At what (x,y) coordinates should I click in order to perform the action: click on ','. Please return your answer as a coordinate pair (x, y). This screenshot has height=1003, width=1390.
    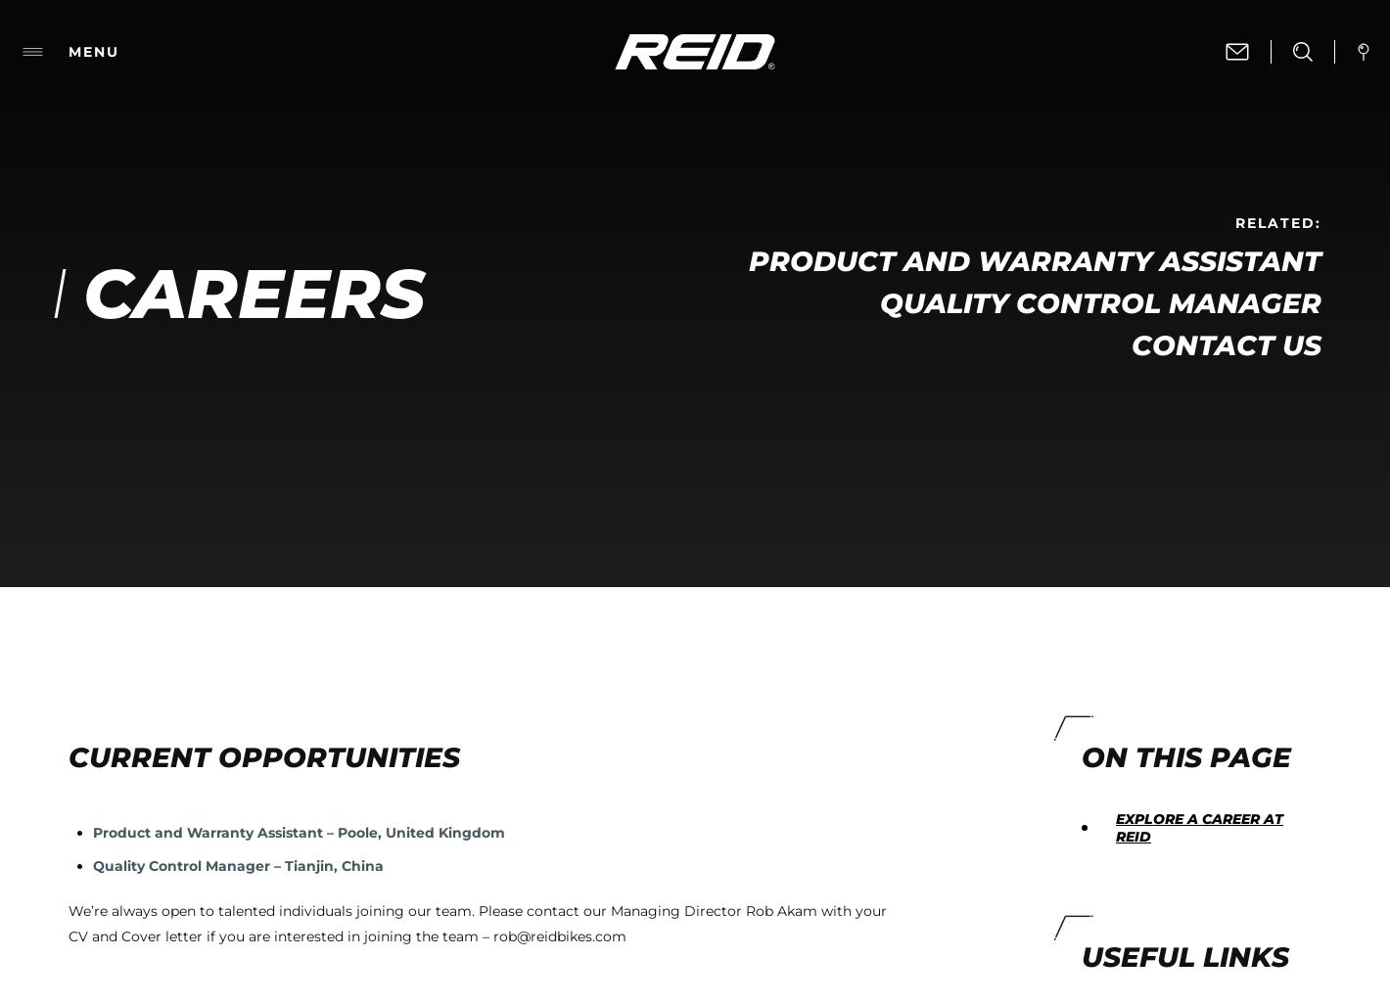
    Looking at the image, I should click on (807, 145).